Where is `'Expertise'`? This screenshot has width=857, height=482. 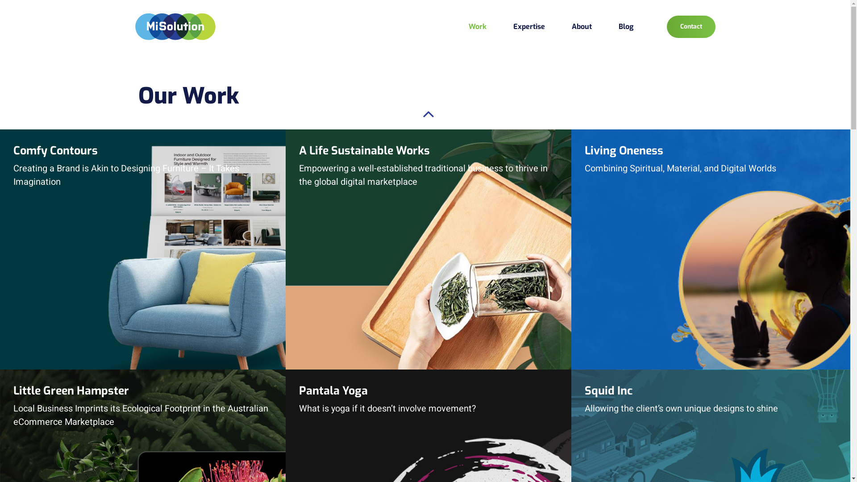 'Expertise' is located at coordinates (513, 26).